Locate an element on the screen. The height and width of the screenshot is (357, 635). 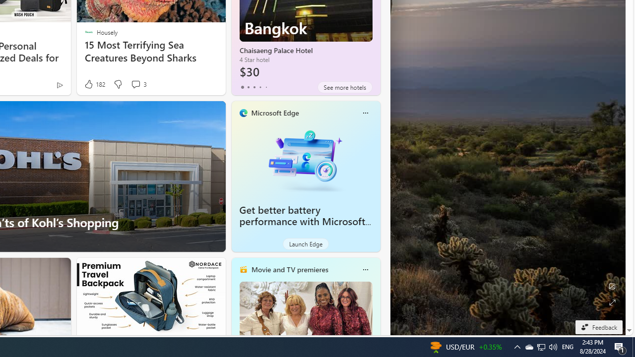
'tab-1' is located at coordinates (248, 87).